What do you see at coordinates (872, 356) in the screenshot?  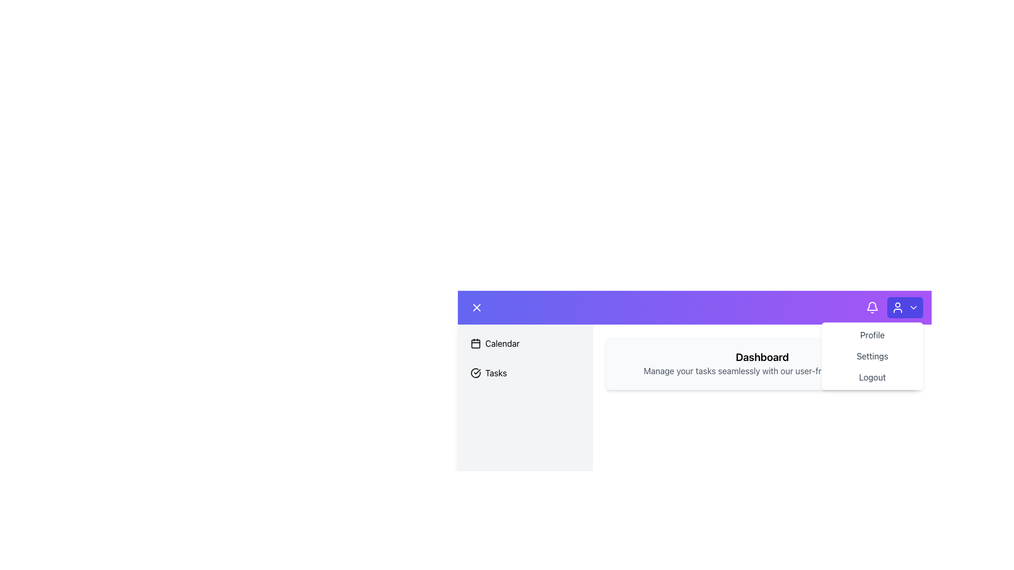 I see `the 'Settings' menu item located as the second item in the dropdown menu under the top-right corner of the interface` at bounding box center [872, 356].